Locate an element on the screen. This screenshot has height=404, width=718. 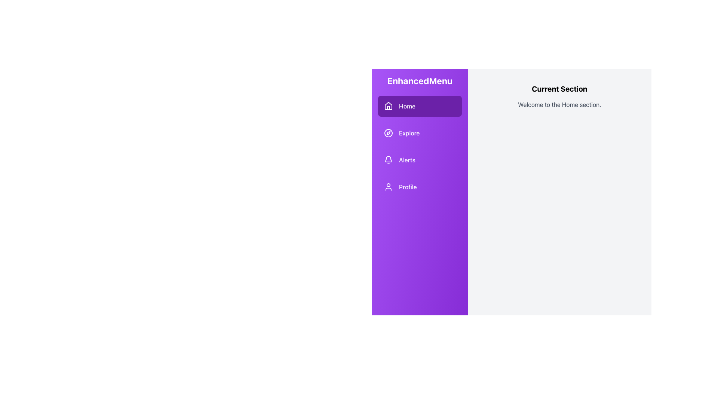
text label displaying 'Profile' in a medium-weight font, styled in white against a purple background, located in the vertical menu on the left side of the interface is located at coordinates (407, 187).